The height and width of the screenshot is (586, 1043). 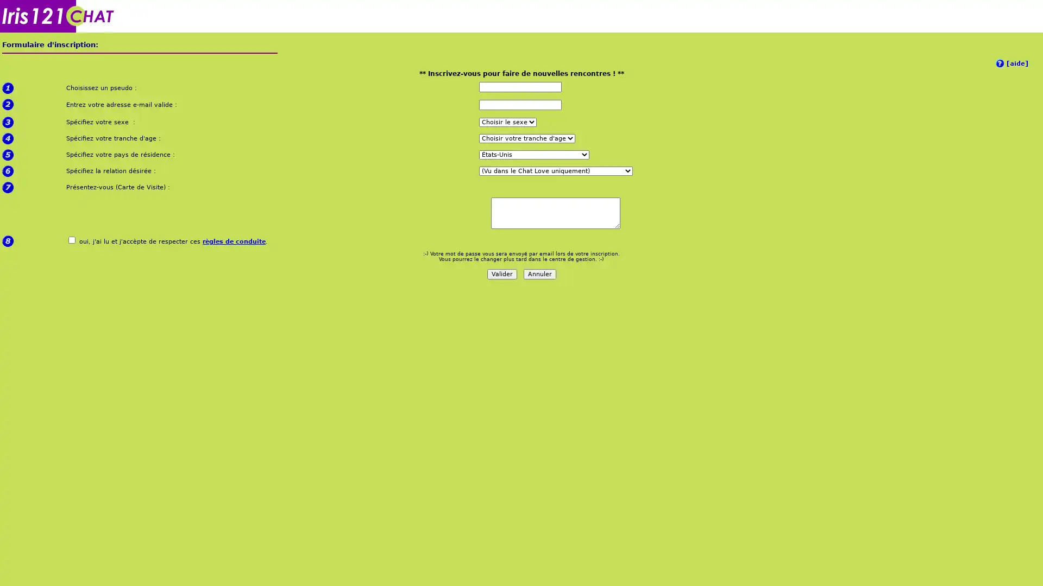 What do you see at coordinates (501, 273) in the screenshot?
I see `Valider` at bounding box center [501, 273].